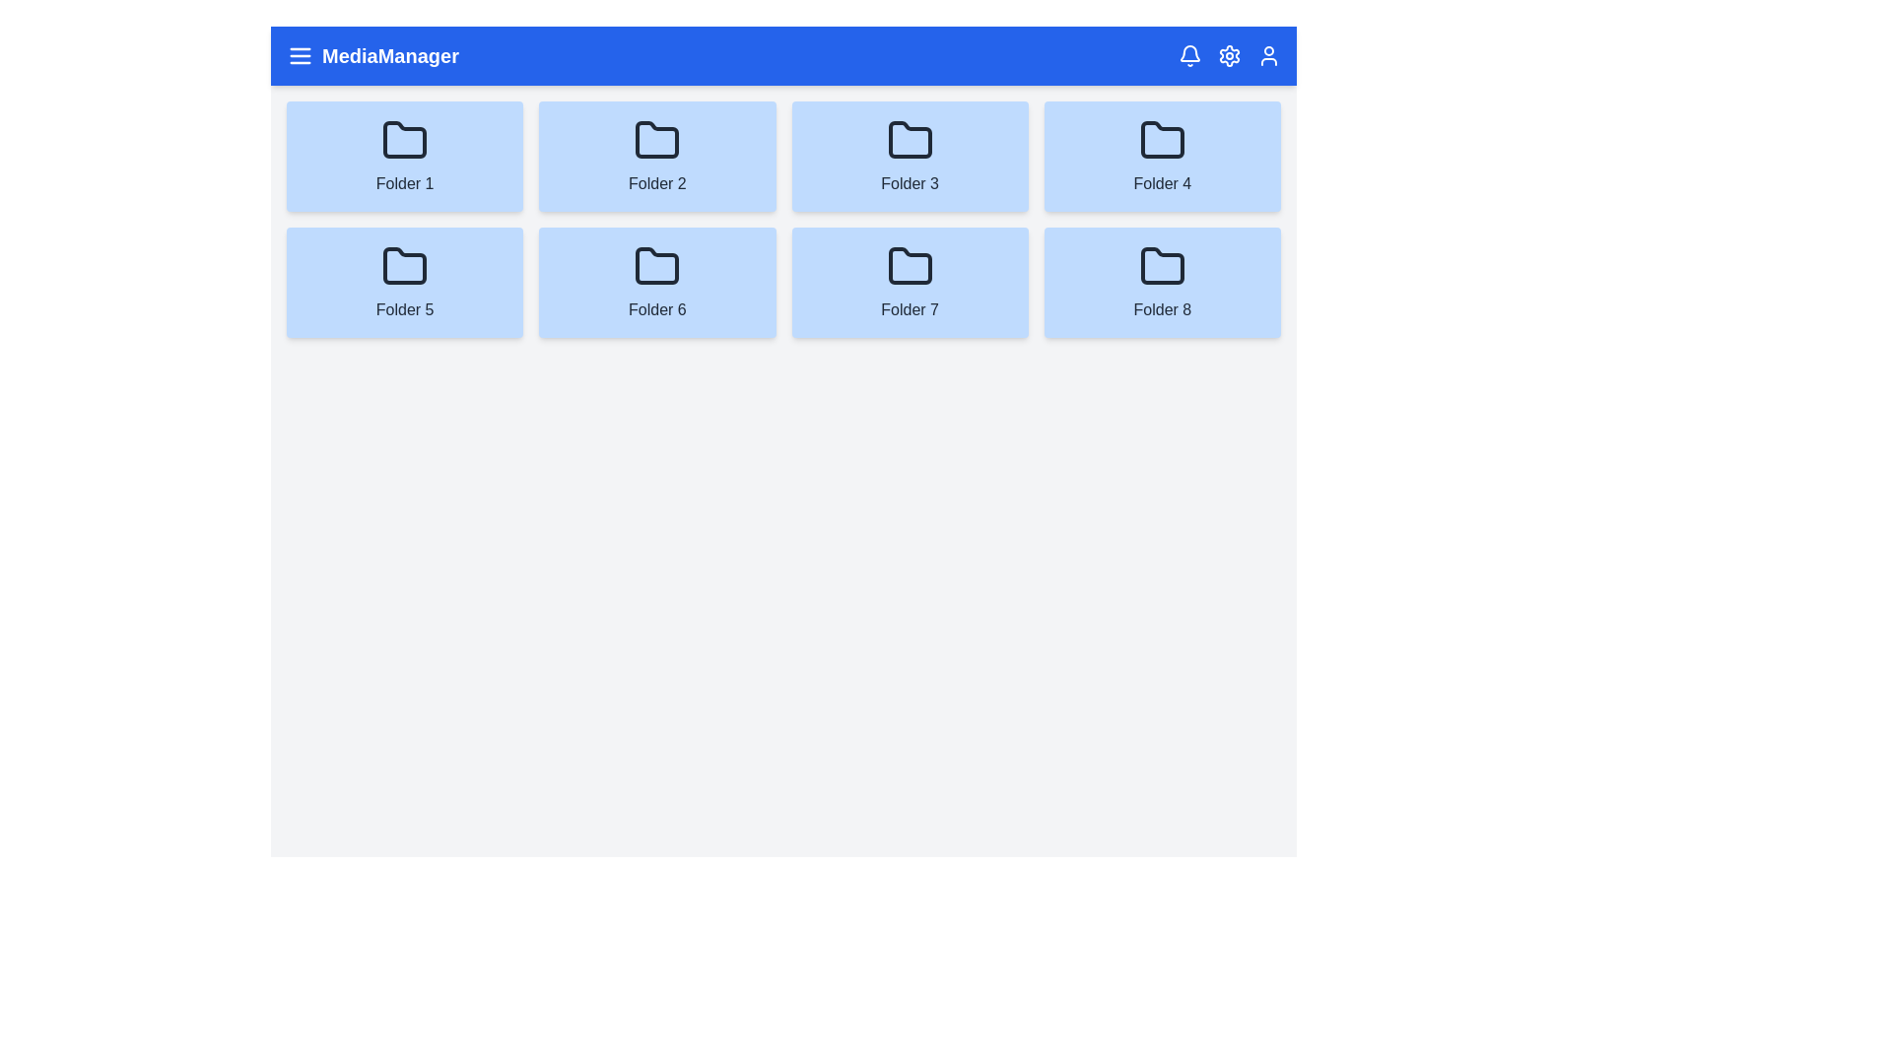 The image size is (1892, 1064). Describe the element at coordinates (1189, 55) in the screenshot. I see `the notification icon` at that location.